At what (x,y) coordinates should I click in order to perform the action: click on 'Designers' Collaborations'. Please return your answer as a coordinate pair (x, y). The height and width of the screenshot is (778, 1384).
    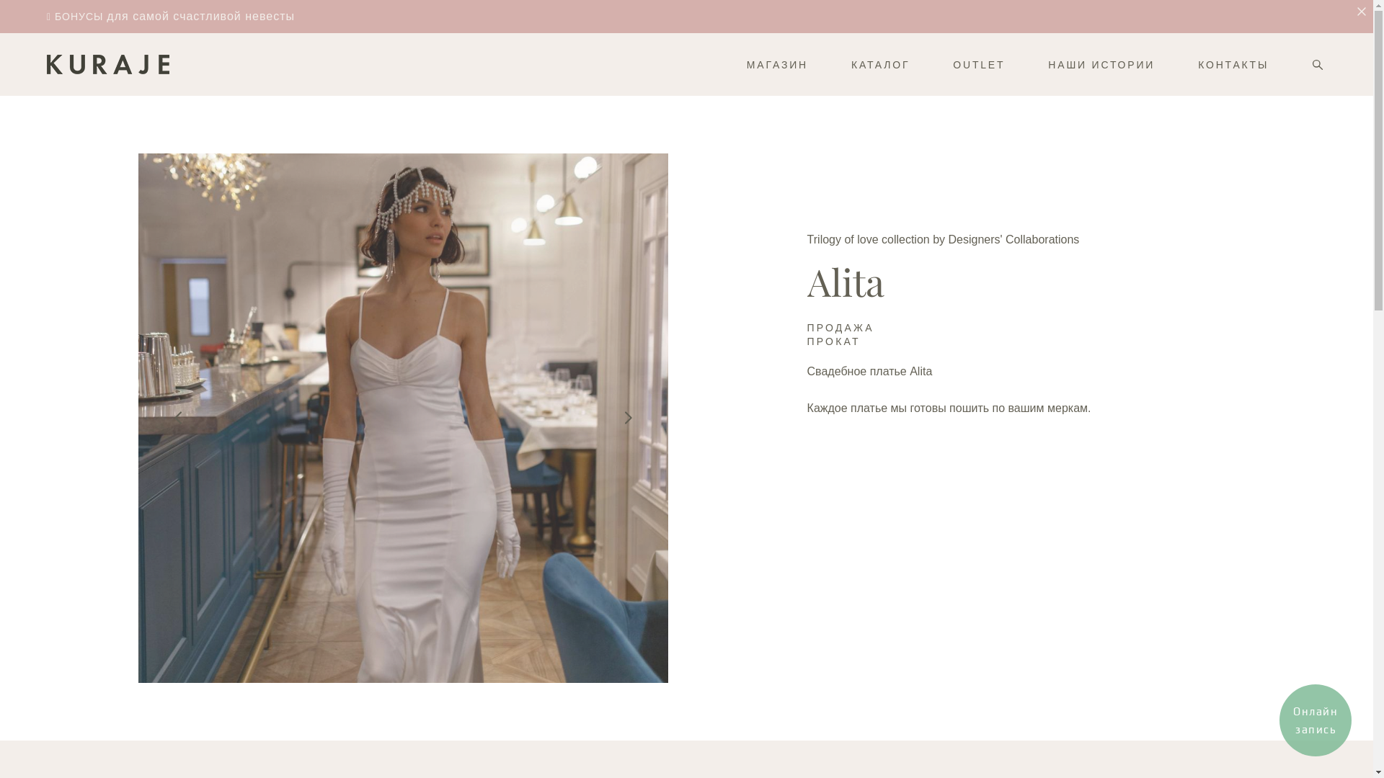
    Looking at the image, I should click on (1013, 238).